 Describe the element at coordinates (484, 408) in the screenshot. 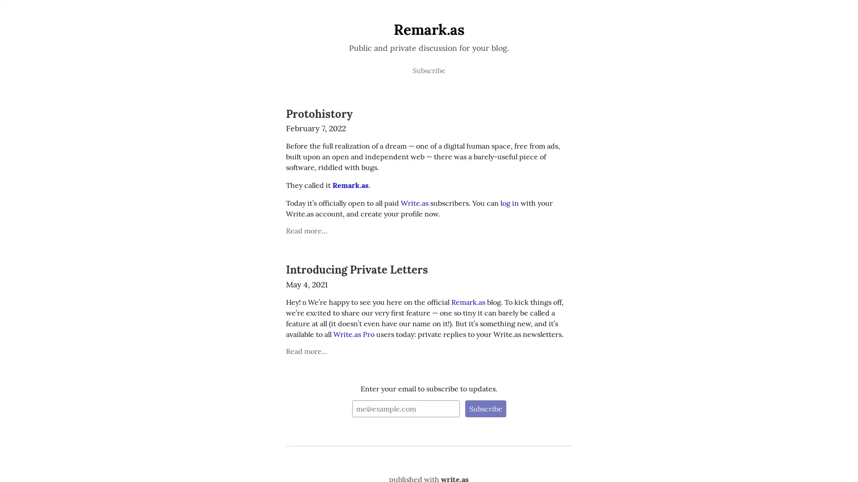

I see `Subscribe` at that location.